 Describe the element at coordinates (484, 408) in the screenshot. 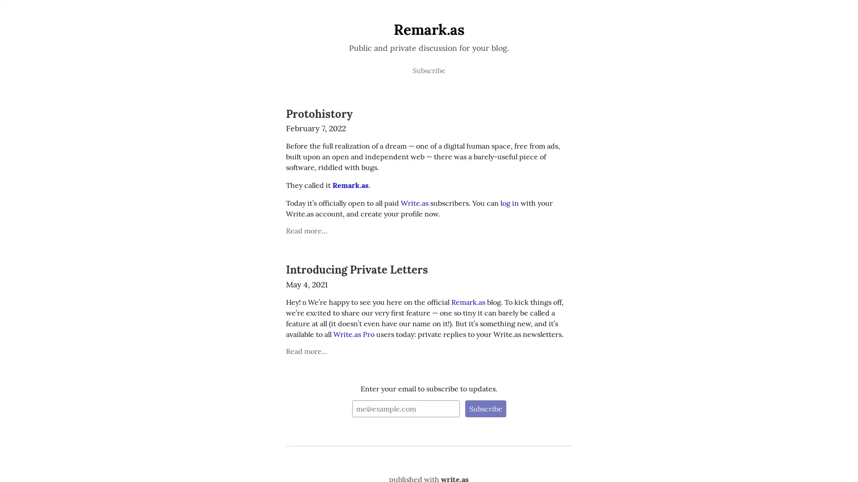

I see `Subscribe` at that location.